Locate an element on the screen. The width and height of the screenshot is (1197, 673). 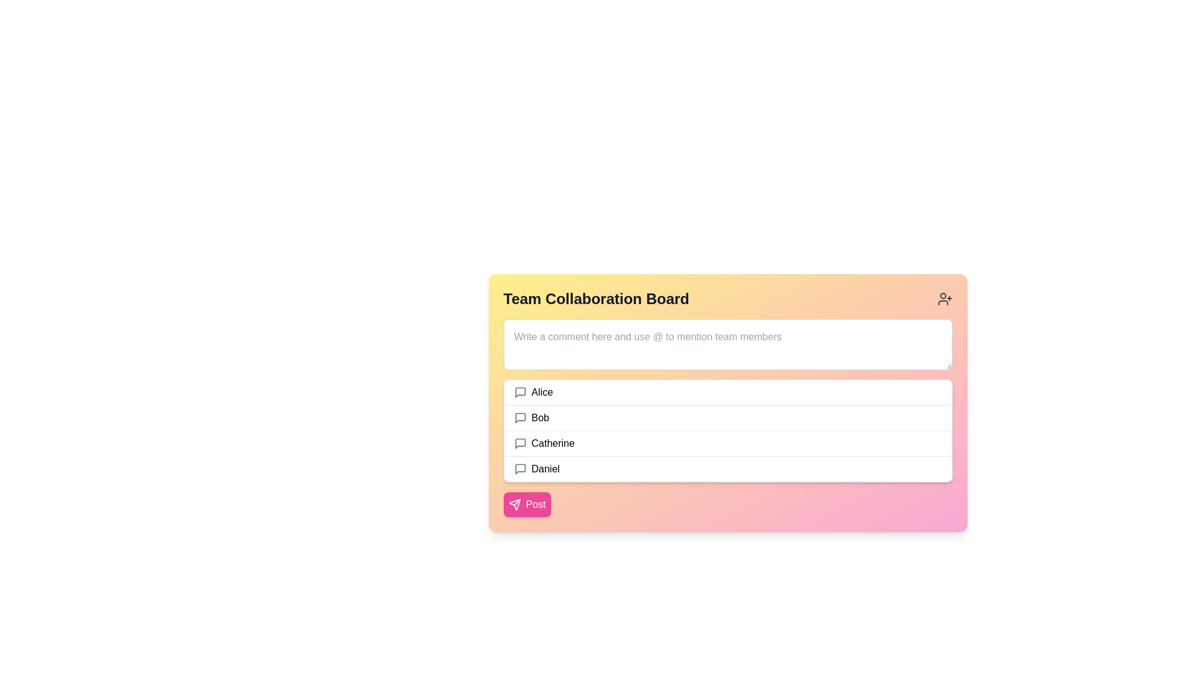
the interactive list item representing the user 'Alice', which is the first item in a vertical list of names is located at coordinates (728, 391).